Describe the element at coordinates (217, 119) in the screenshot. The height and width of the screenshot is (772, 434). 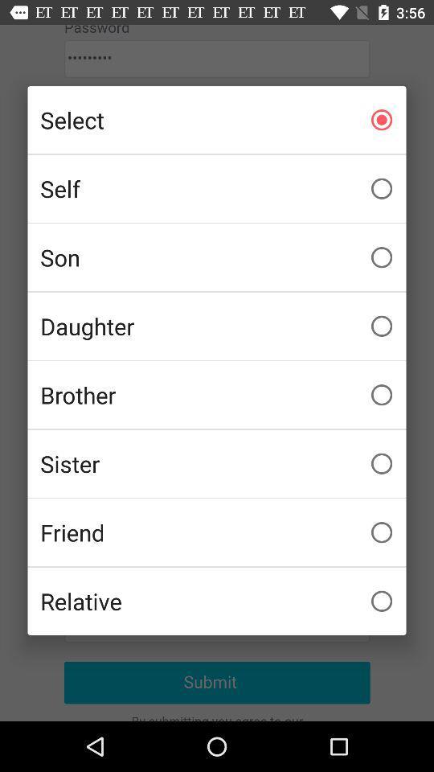
I see `select checkbox` at that location.